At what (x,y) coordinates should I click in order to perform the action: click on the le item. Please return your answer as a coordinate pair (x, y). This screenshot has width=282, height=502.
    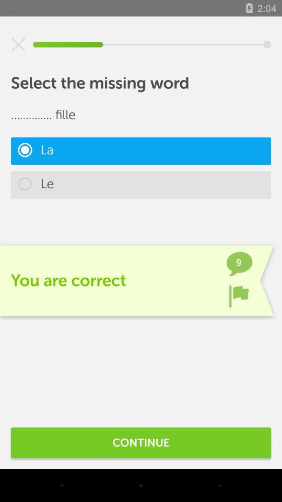
    Looking at the image, I should click on (141, 185).